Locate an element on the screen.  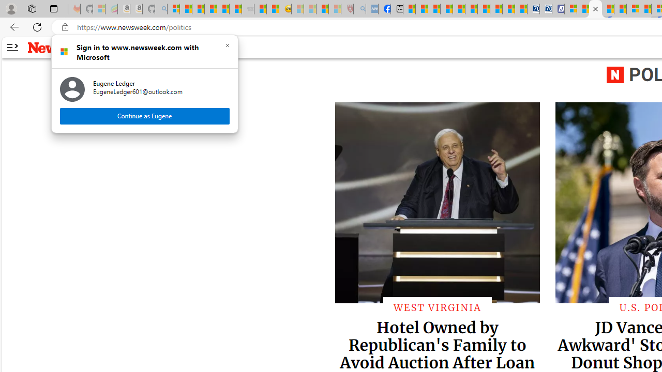
'Cheap Hotels - Save70.com' is located at coordinates (546, 9).